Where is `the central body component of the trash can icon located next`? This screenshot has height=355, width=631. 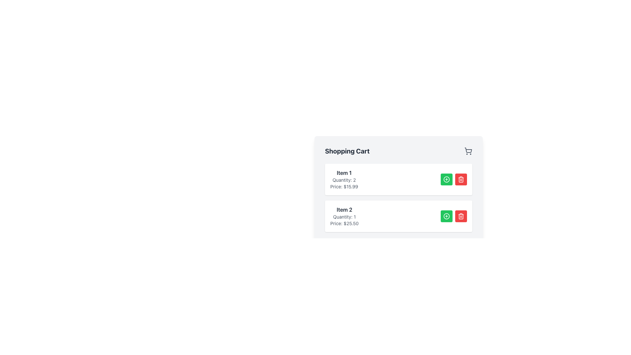 the central body component of the trash can icon located next is located at coordinates (460, 217).